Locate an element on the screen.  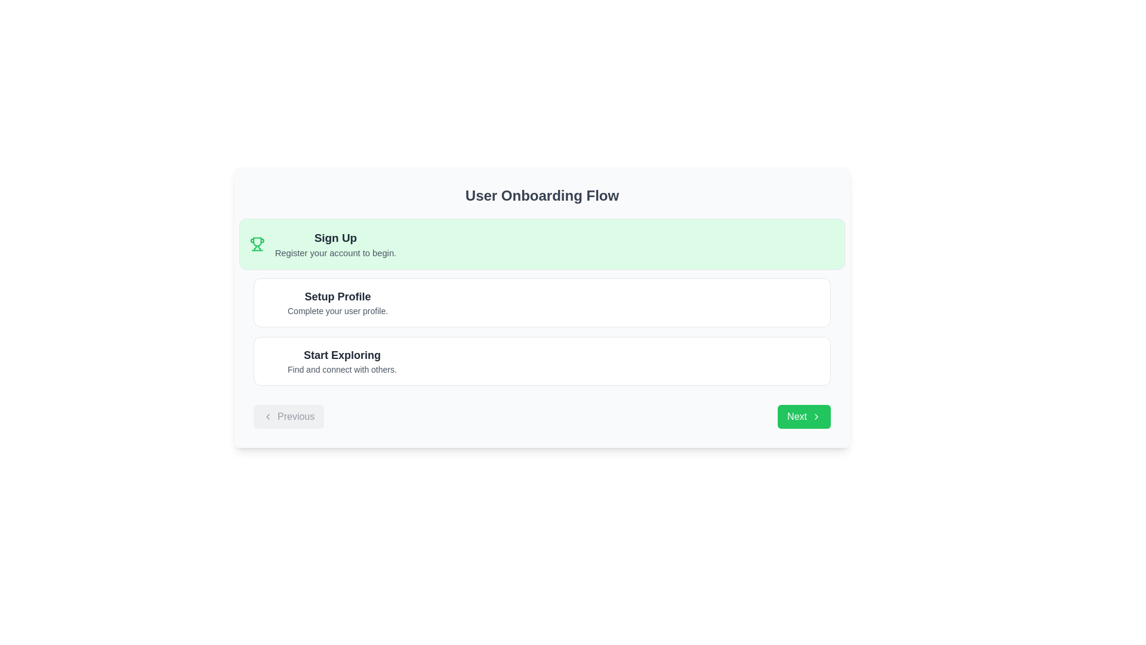
heading text label 'Sign Up' that is styled in bold with a larger font size, displayed in dark gray on a light green background, positioned above the registration prompt is located at coordinates (335, 238).